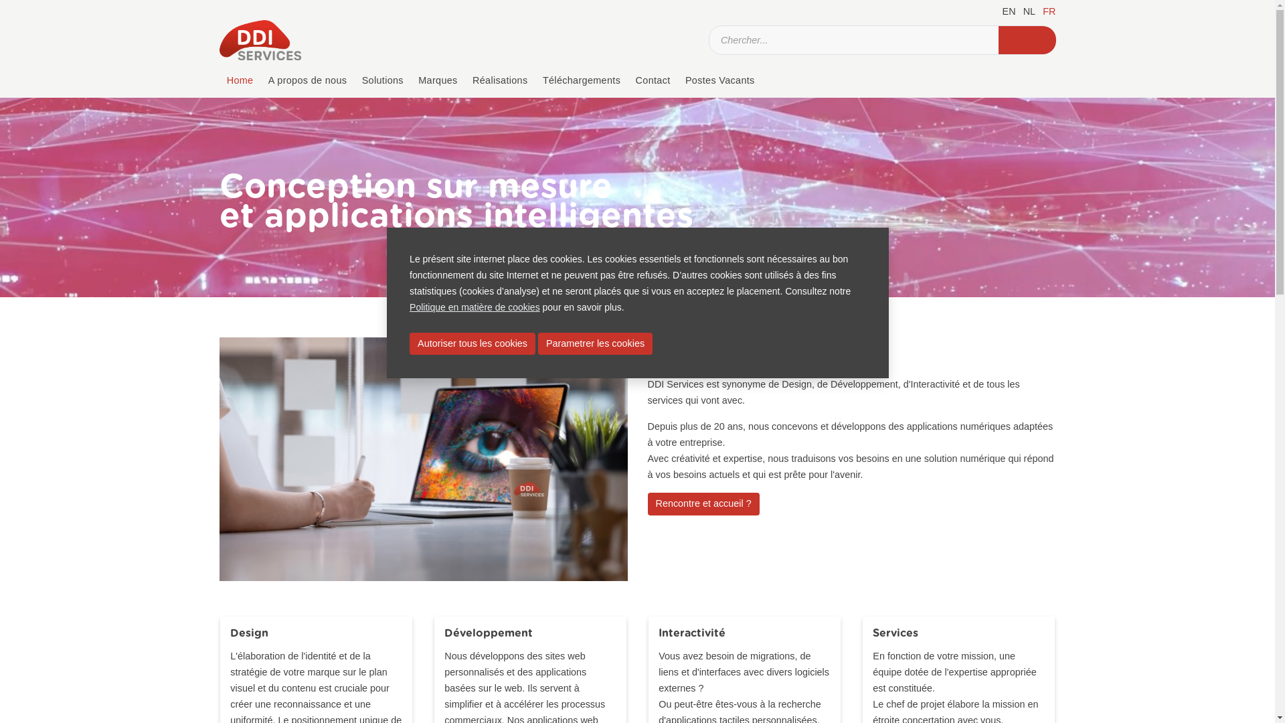  What do you see at coordinates (472, 343) in the screenshot?
I see `'Autoriser tous les cookies'` at bounding box center [472, 343].